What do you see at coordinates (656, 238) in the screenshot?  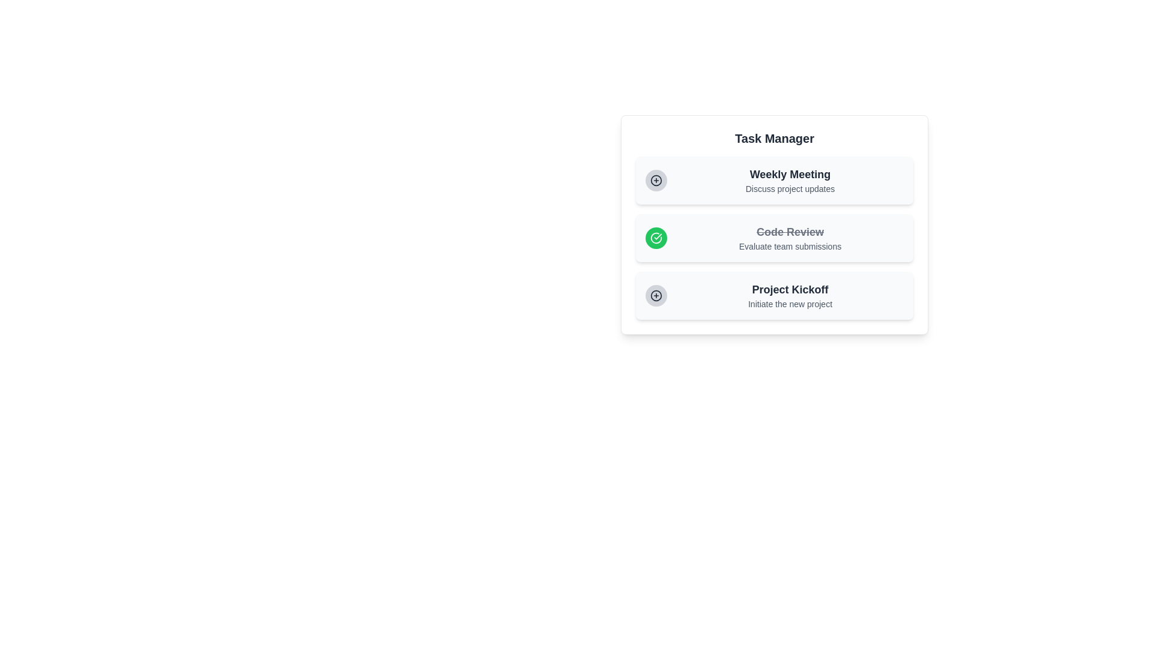 I see `the completion indicator icon positioned to the left of the 'Code Review' text in the second list item` at bounding box center [656, 238].